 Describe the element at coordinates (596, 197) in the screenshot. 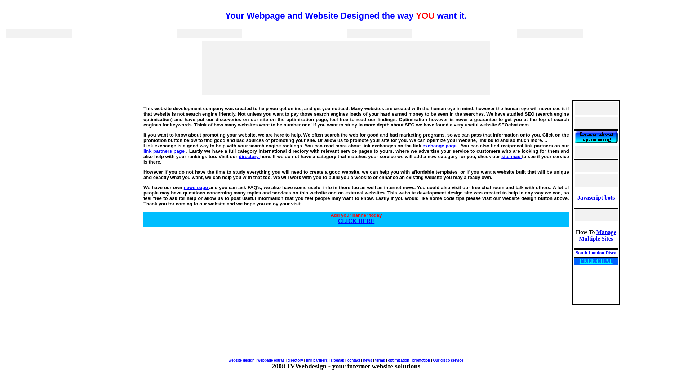

I see `'Javascript bots'` at that location.